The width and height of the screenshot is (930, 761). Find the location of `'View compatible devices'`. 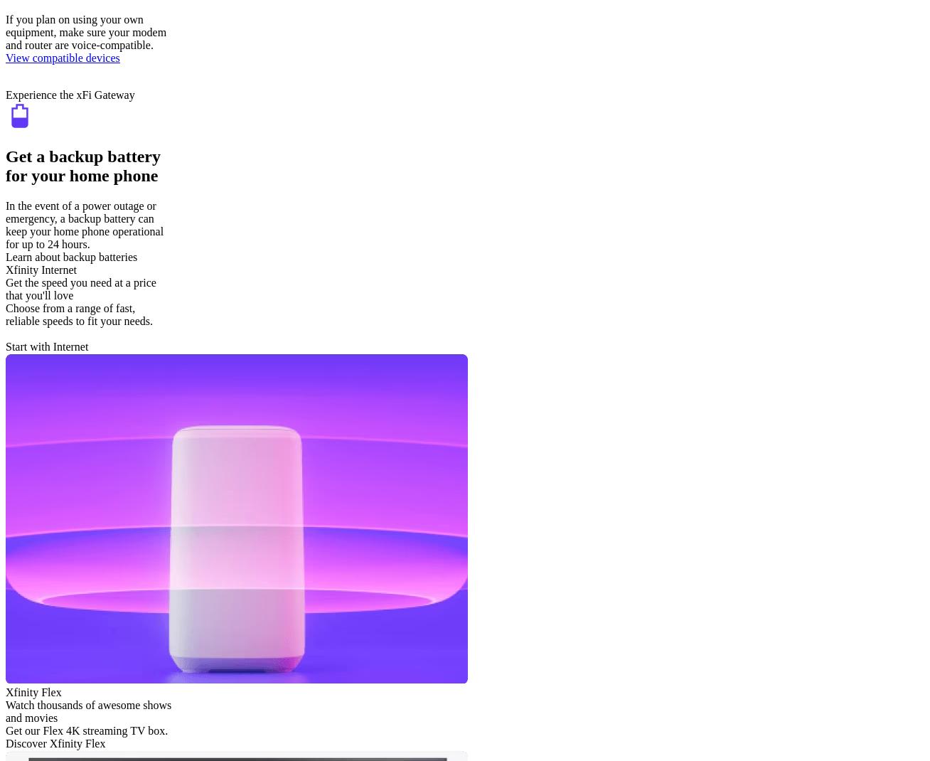

'View compatible devices' is located at coordinates (62, 57).